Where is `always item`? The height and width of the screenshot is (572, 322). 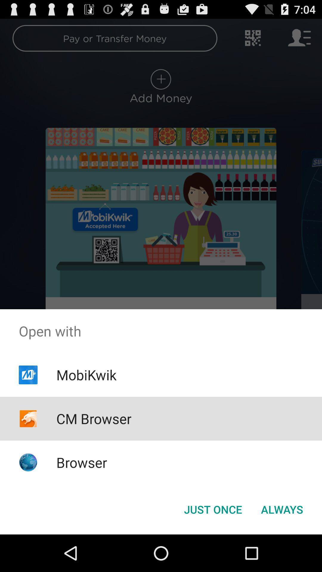 always item is located at coordinates (282, 509).